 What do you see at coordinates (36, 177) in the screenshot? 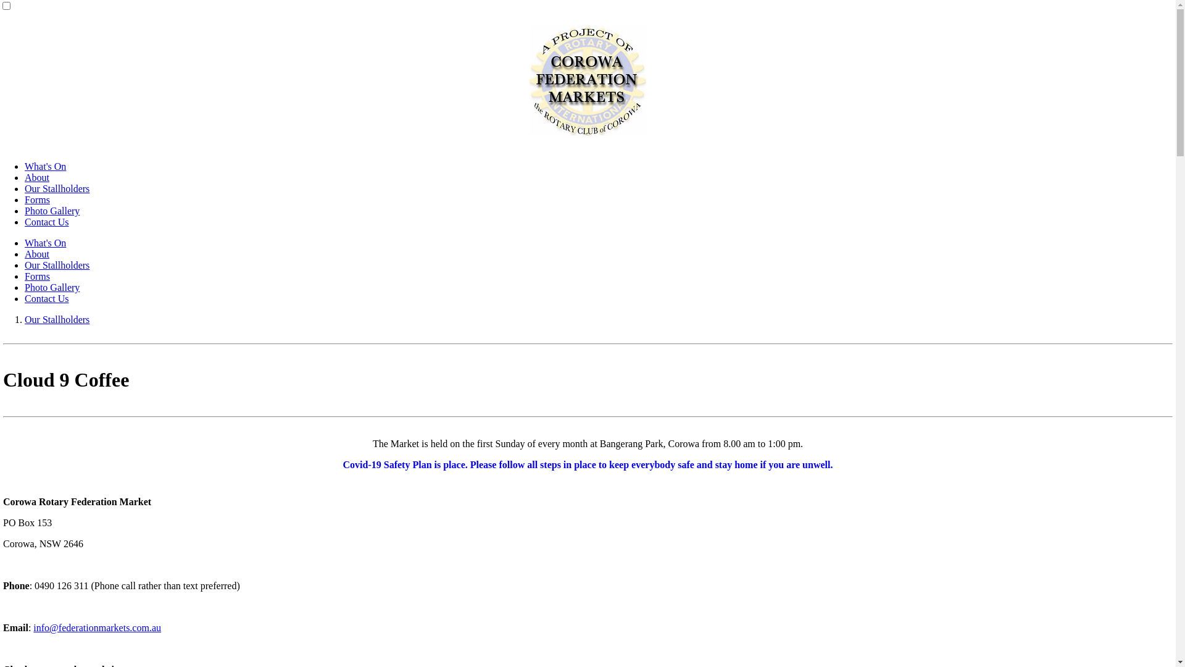
I see `'About'` at bounding box center [36, 177].